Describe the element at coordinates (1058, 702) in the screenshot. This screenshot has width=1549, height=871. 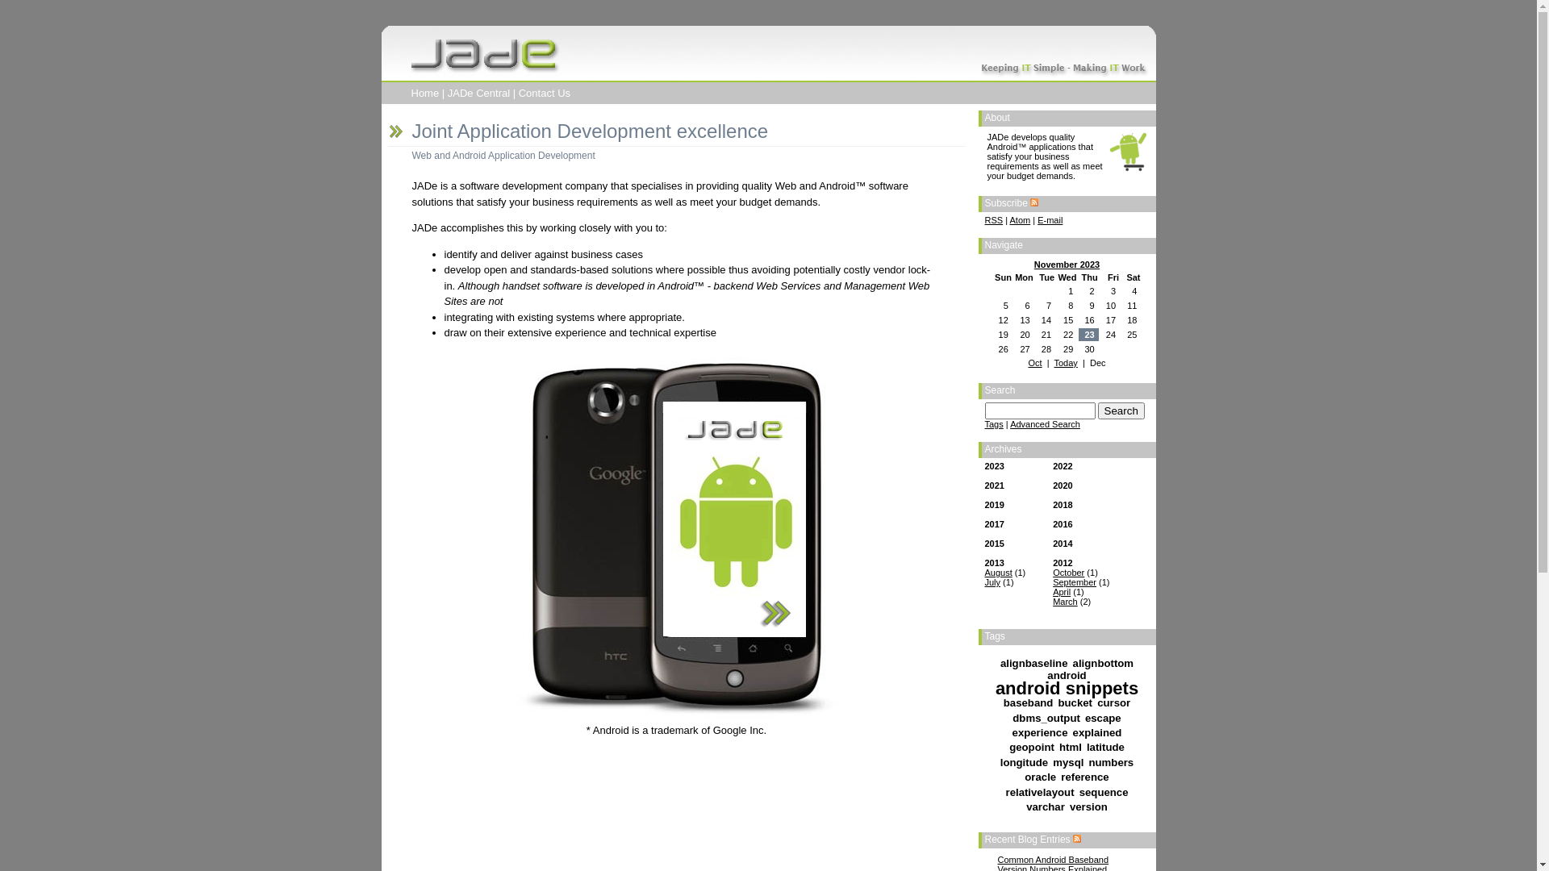
I see `'bucket'` at that location.